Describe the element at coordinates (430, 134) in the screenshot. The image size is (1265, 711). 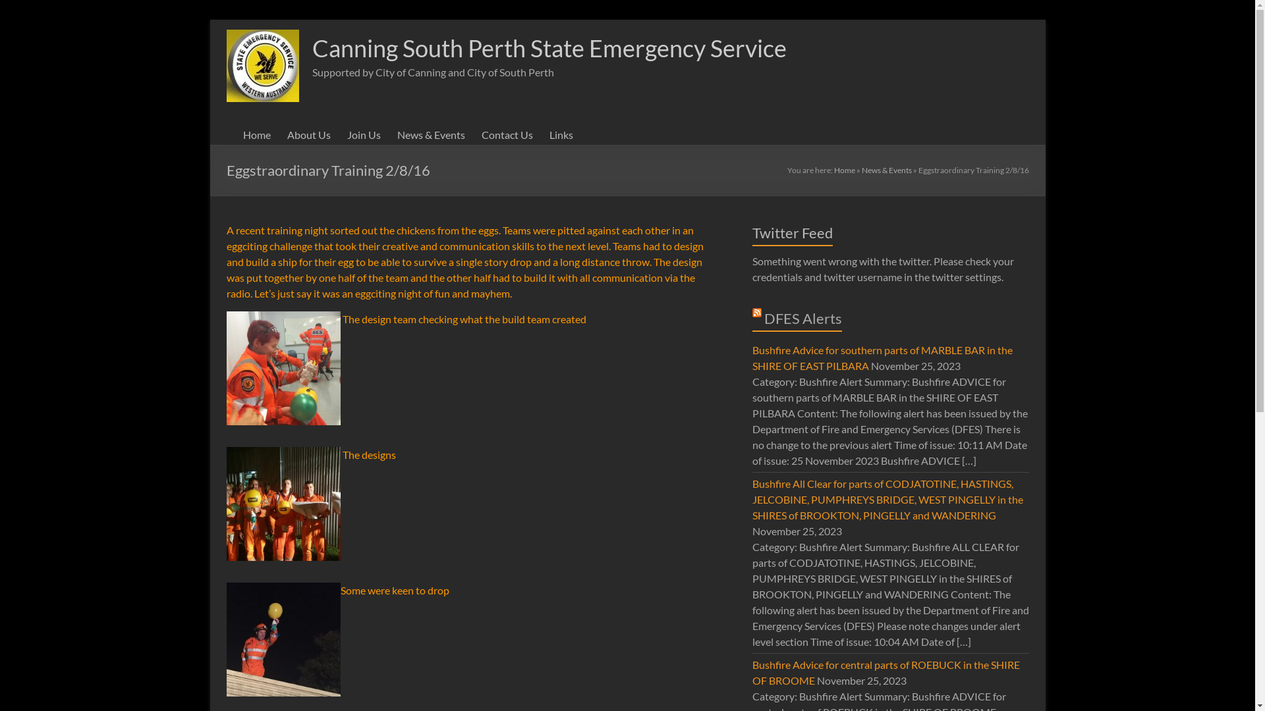
I see `'News & Events'` at that location.